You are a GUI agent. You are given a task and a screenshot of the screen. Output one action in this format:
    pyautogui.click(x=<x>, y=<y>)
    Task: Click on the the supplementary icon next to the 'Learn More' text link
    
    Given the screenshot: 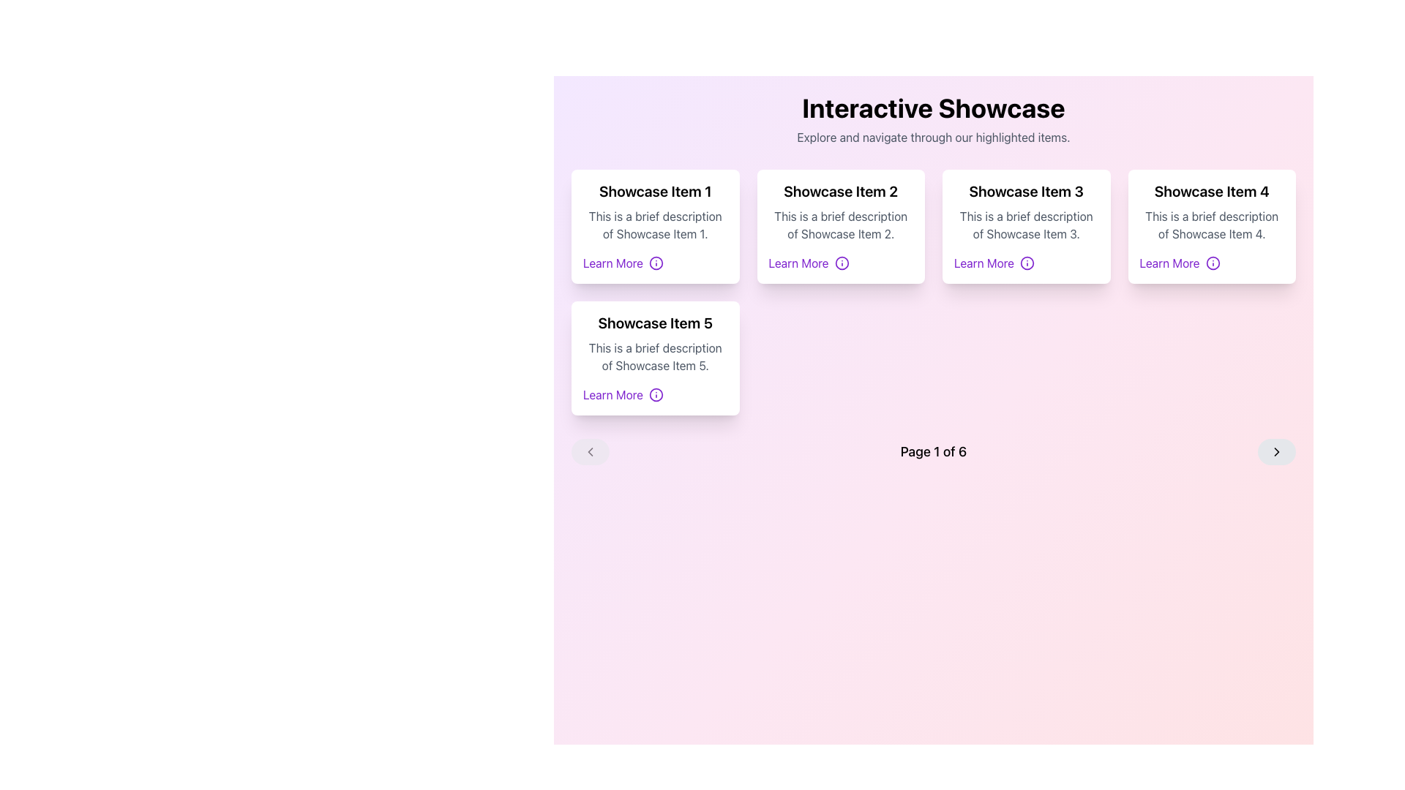 What is the action you would take?
    pyautogui.click(x=656, y=262)
    